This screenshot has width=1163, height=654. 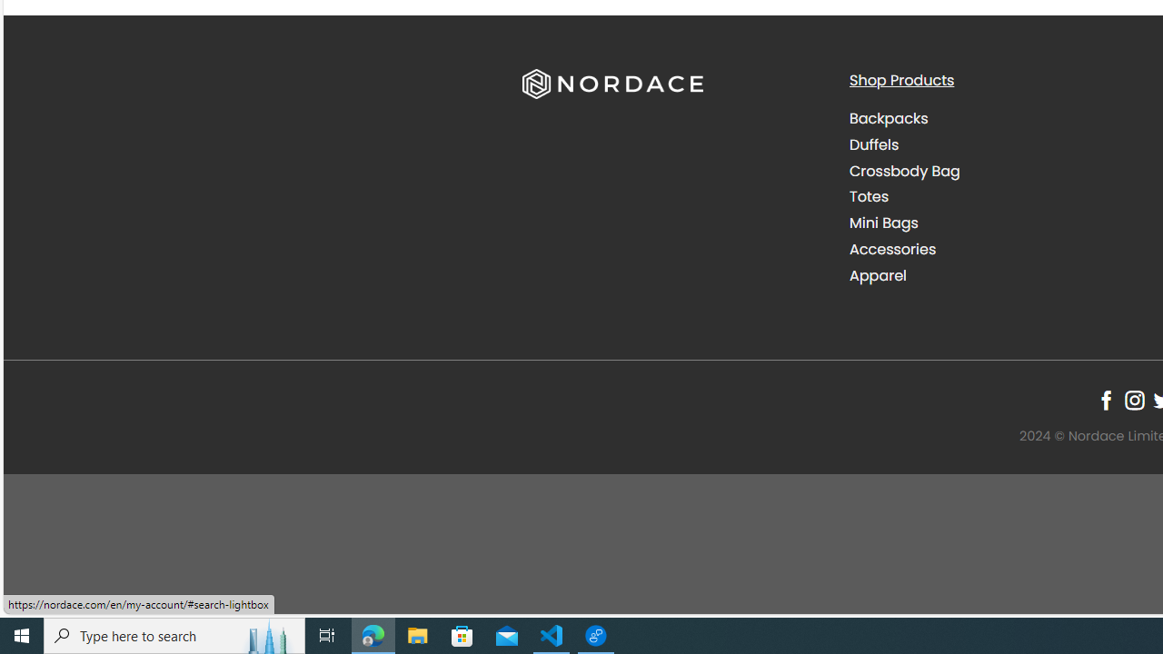 I want to click on 'Follow on Instagram', so click(x=1133, y=400).